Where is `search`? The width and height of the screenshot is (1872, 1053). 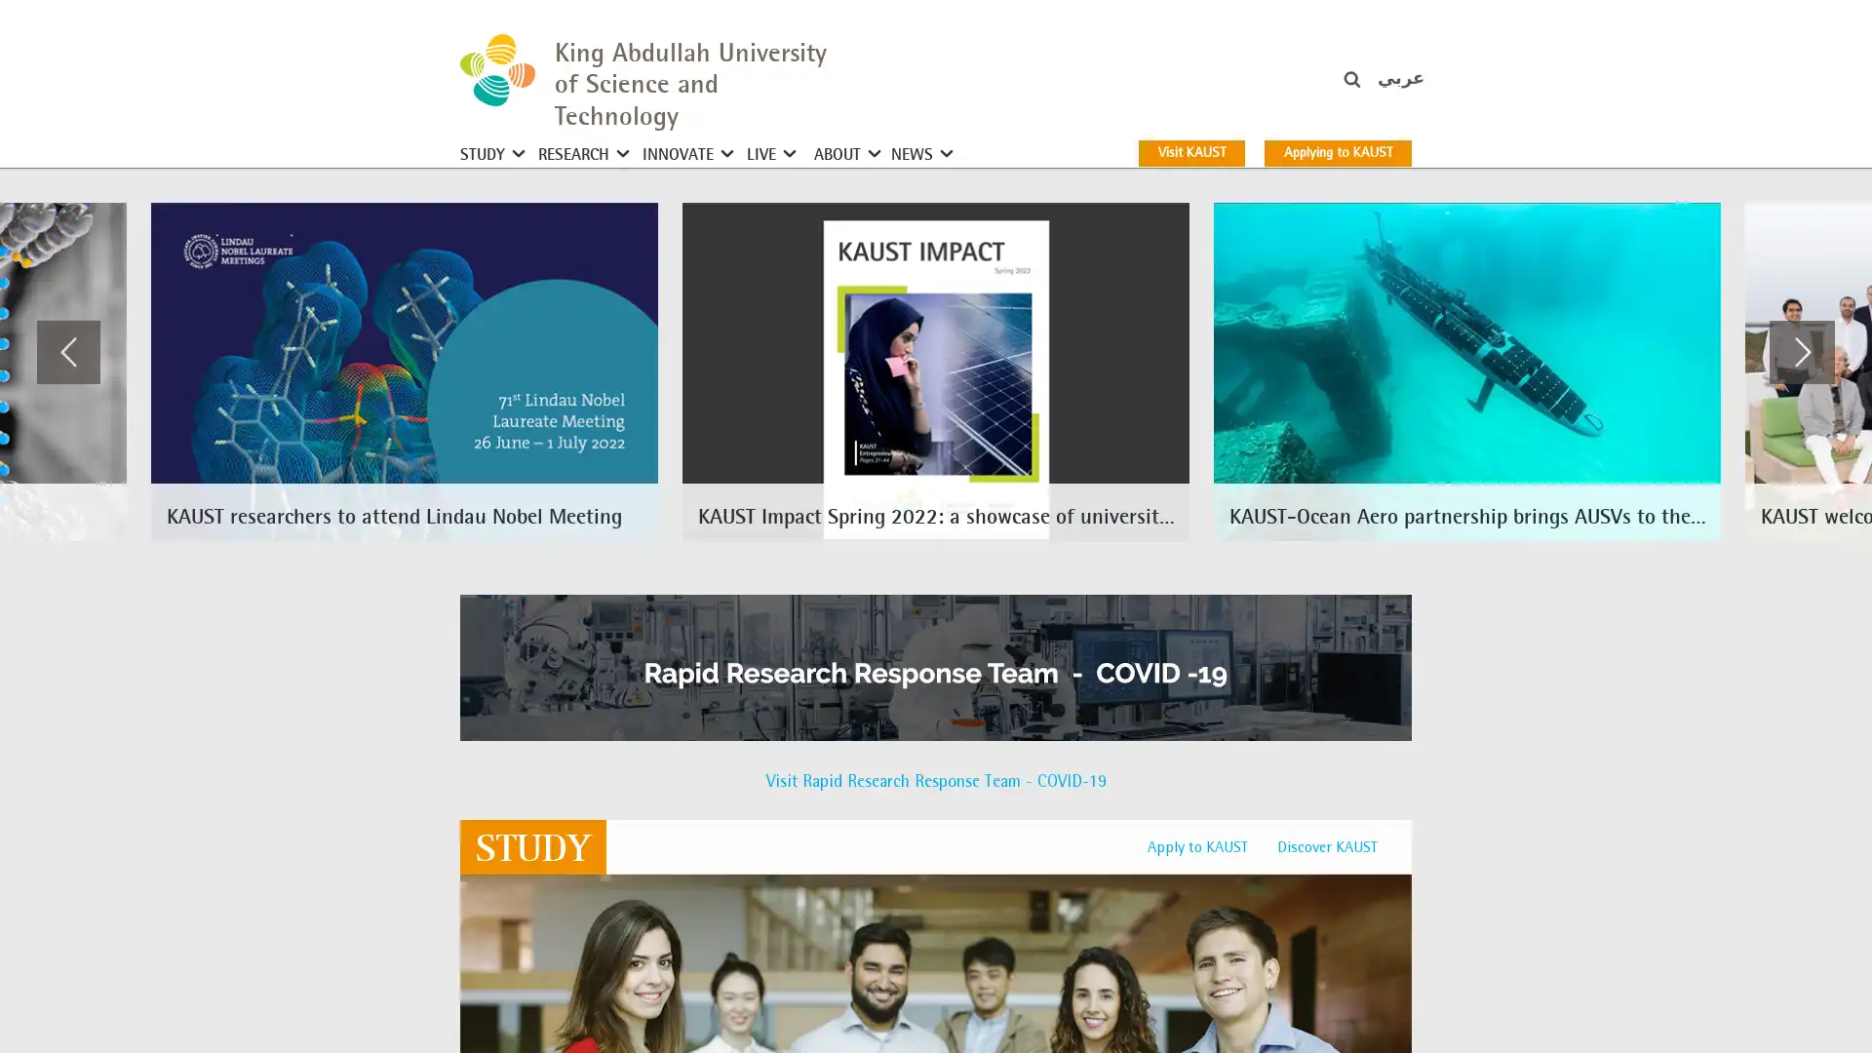
search is located at coordinates (1378, 89).